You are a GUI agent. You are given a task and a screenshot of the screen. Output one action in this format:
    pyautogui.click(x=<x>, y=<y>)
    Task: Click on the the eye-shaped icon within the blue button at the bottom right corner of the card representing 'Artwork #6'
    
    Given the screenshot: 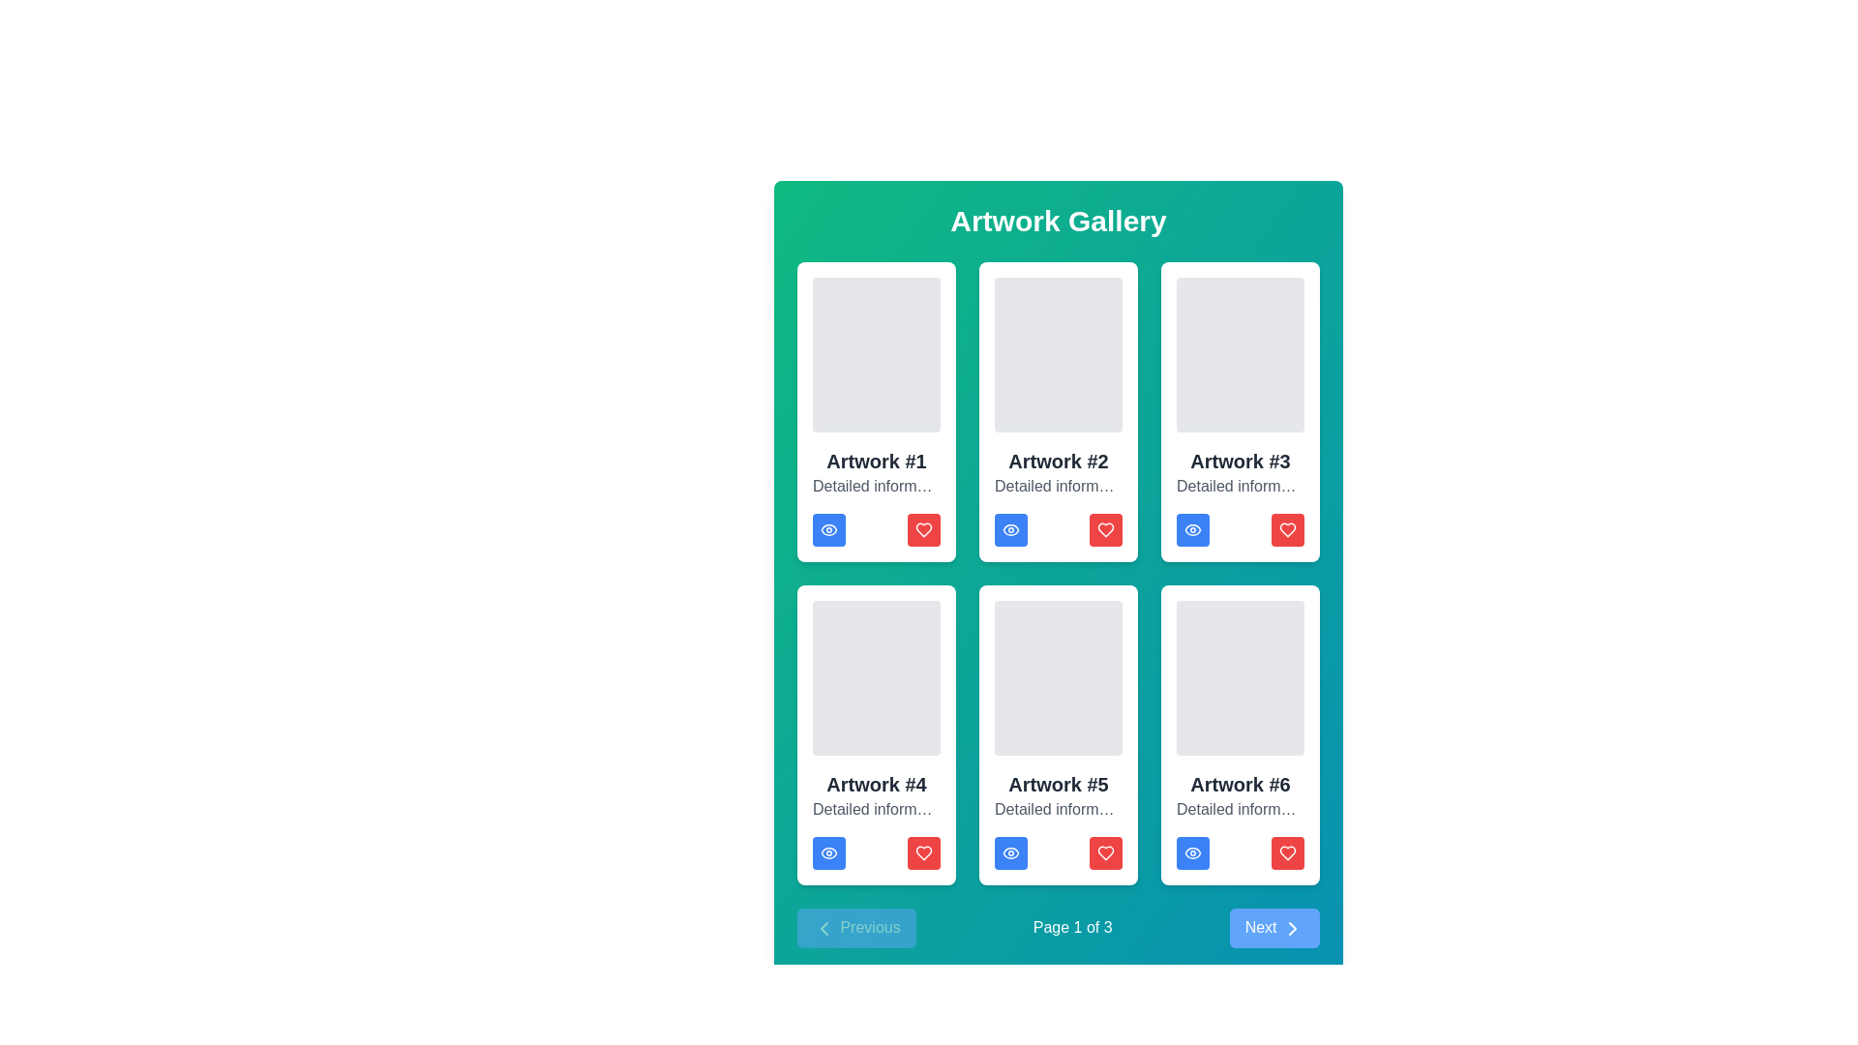 What is the action you would take?
    pyautogui.click(x=1192, y=852)
    